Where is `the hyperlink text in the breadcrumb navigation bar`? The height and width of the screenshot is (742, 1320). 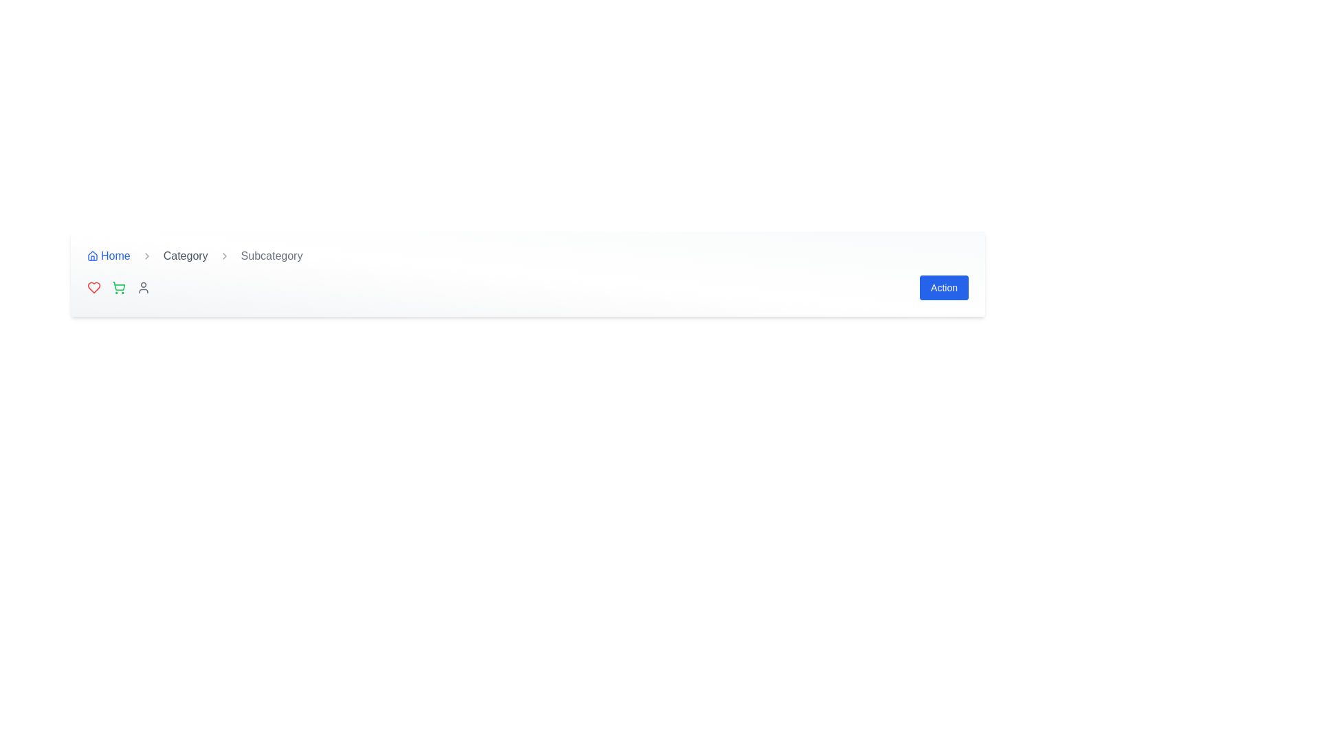
the hyperlink text in the breadcrumb navigation bar is located at coordinates (185, 256).